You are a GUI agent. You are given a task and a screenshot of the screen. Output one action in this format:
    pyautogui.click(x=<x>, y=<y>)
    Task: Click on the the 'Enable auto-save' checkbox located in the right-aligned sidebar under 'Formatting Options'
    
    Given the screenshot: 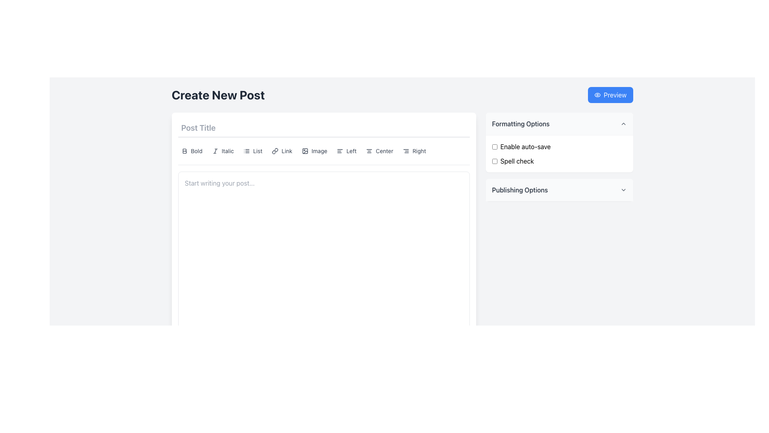 What is the action you would take?
    pyautogui.click(x=559, y=147)
    